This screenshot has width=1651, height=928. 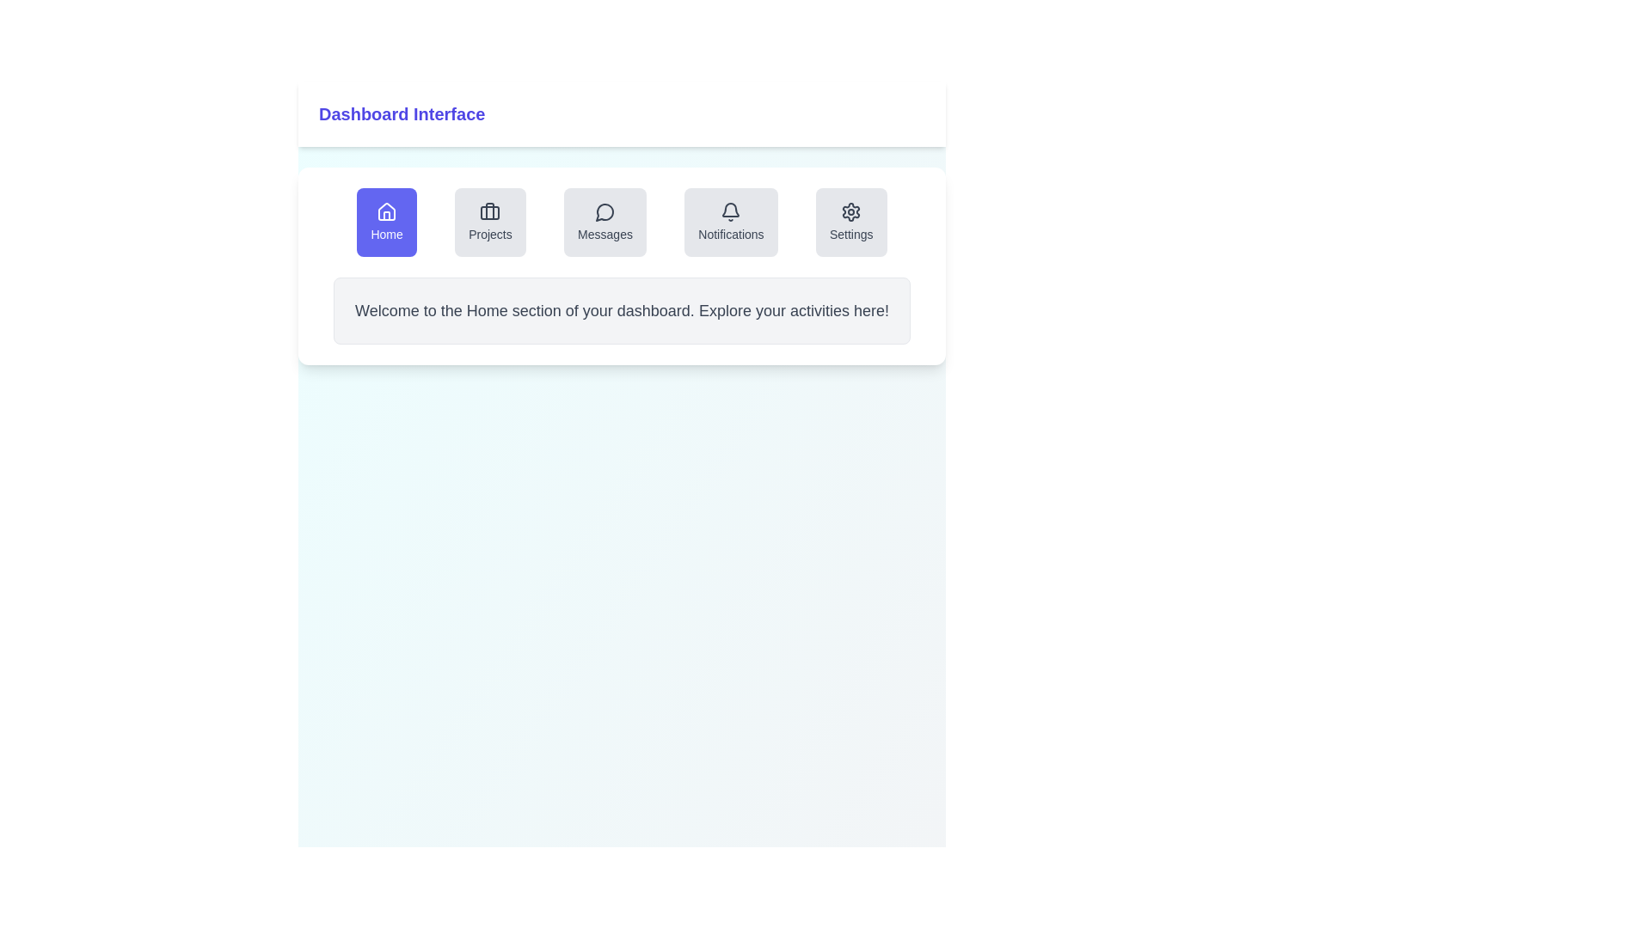 What do you see at coordinates (489, 211) in the screenshot?
I see `the left rectangular component of the briefcase icon in the navigation menu` at bounding box center [489, 211].